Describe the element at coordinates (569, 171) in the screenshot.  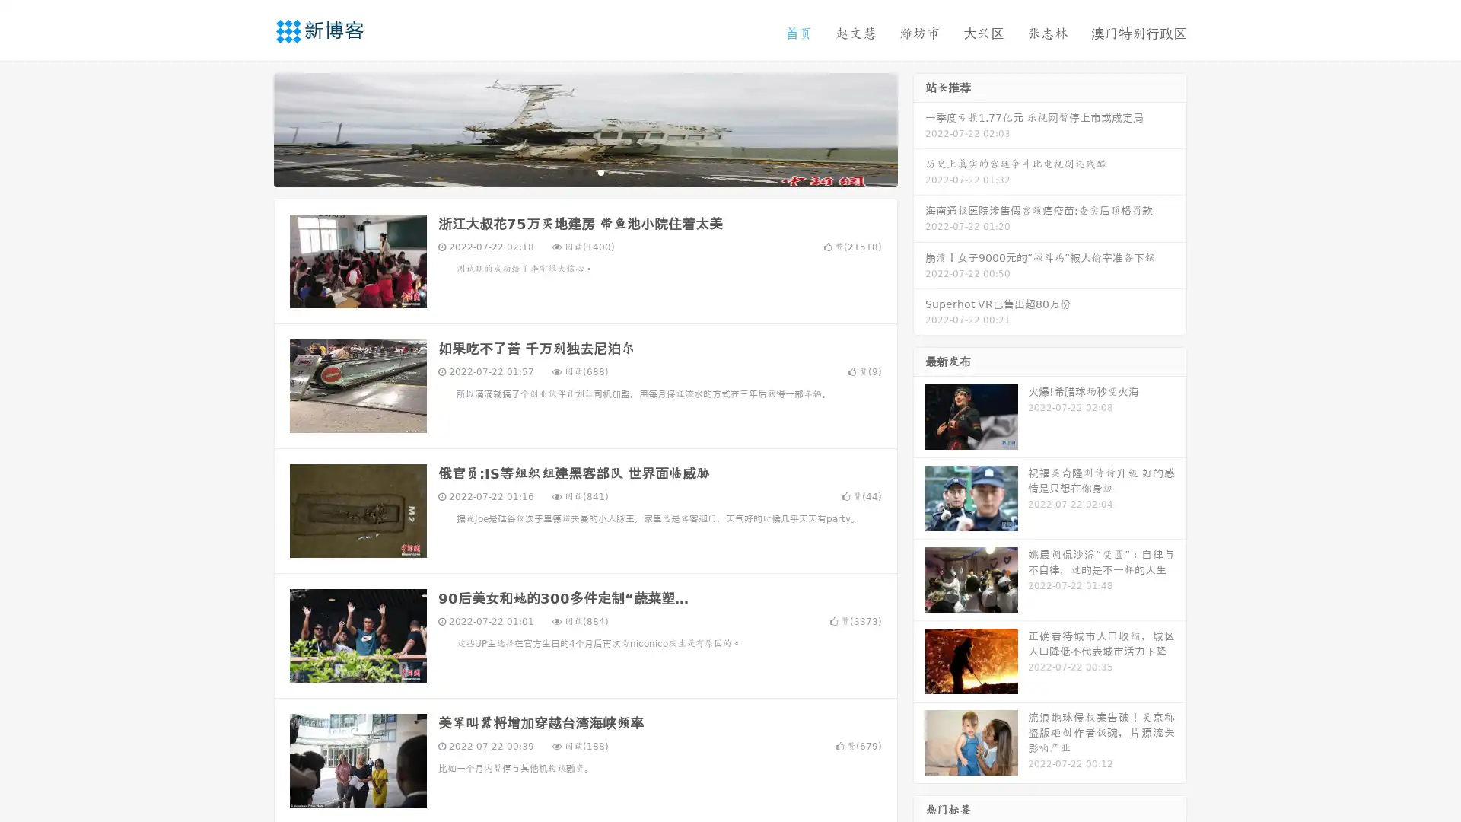
I see `Go to slide 1` at that location.